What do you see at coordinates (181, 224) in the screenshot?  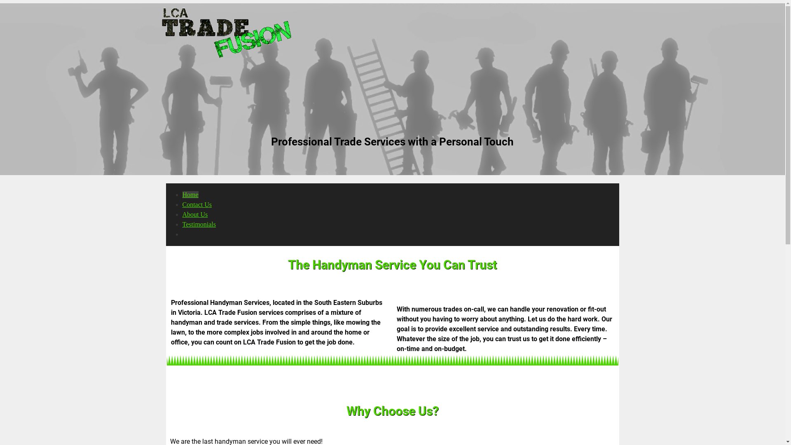 I see `'Testimonials'` at bounding box center [181, 224].